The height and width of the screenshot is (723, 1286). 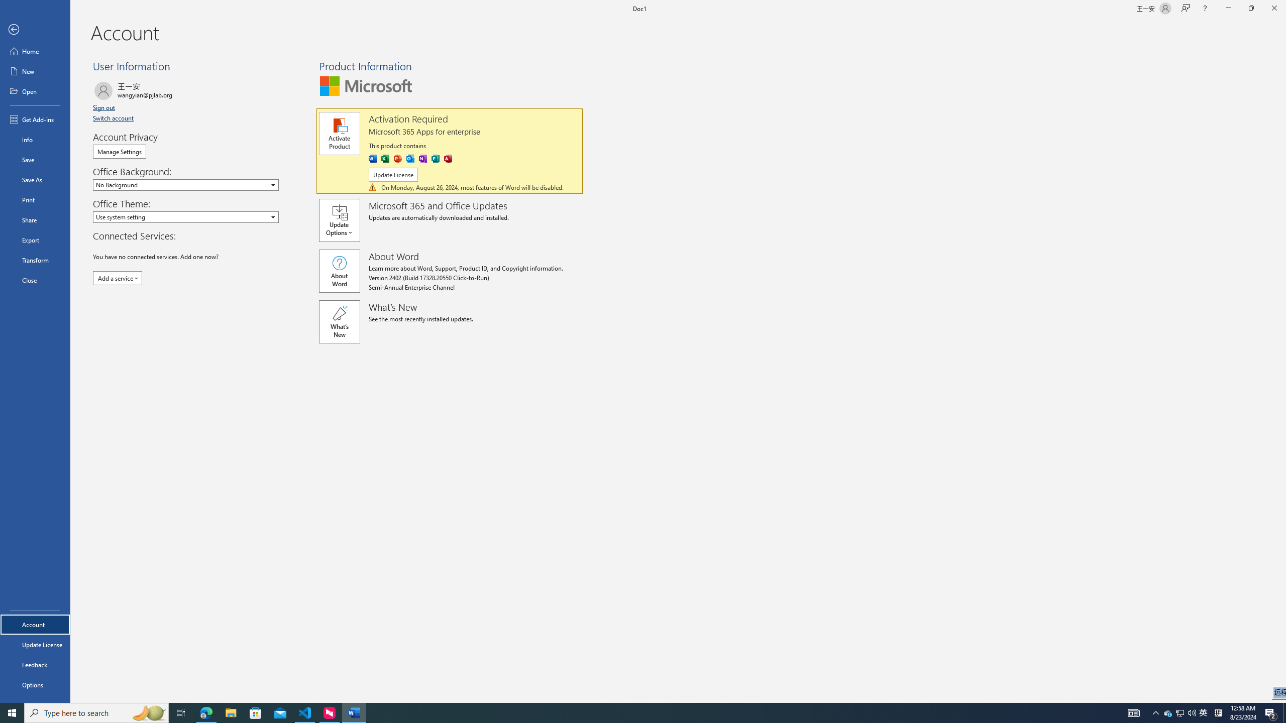 I want to click on 'Account', so click(x=35, y=625).